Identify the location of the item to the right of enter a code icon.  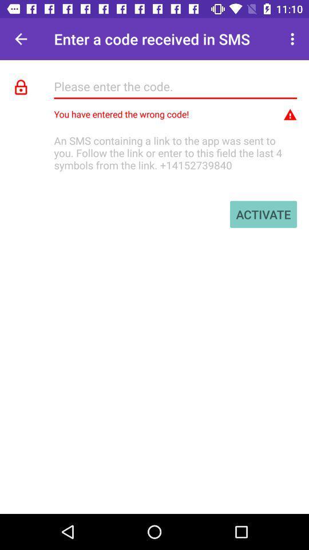
(294, 39).